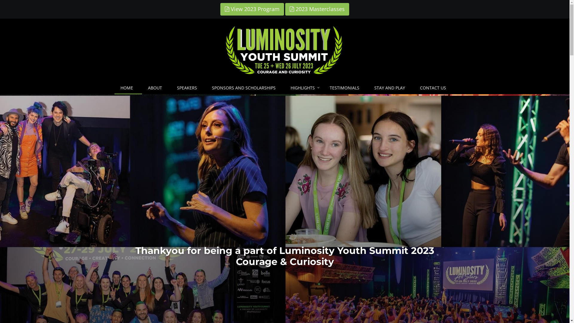 This screenshot has width=574, height=323. I want to click on 'HIGHLIGHTS', so click(284, 88).